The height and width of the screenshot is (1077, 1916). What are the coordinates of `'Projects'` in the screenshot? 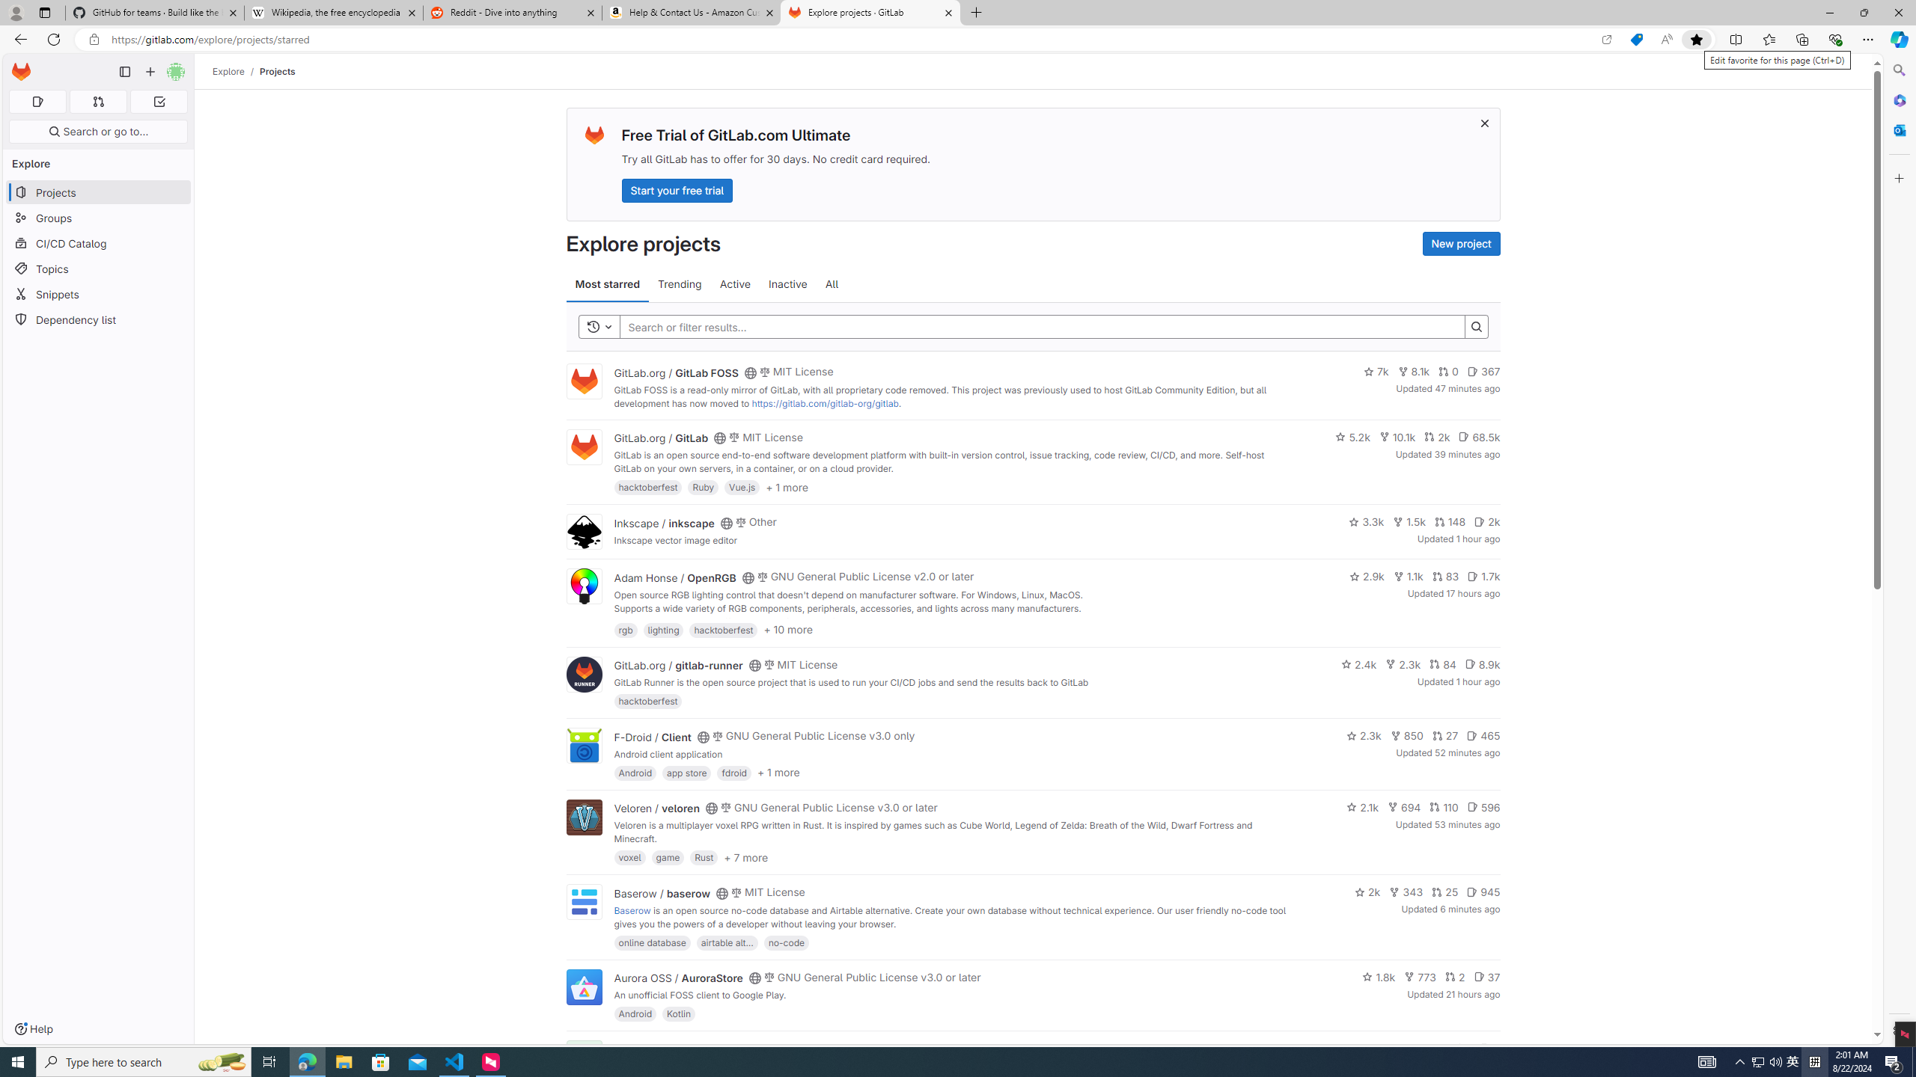 It's located at (277, 71).